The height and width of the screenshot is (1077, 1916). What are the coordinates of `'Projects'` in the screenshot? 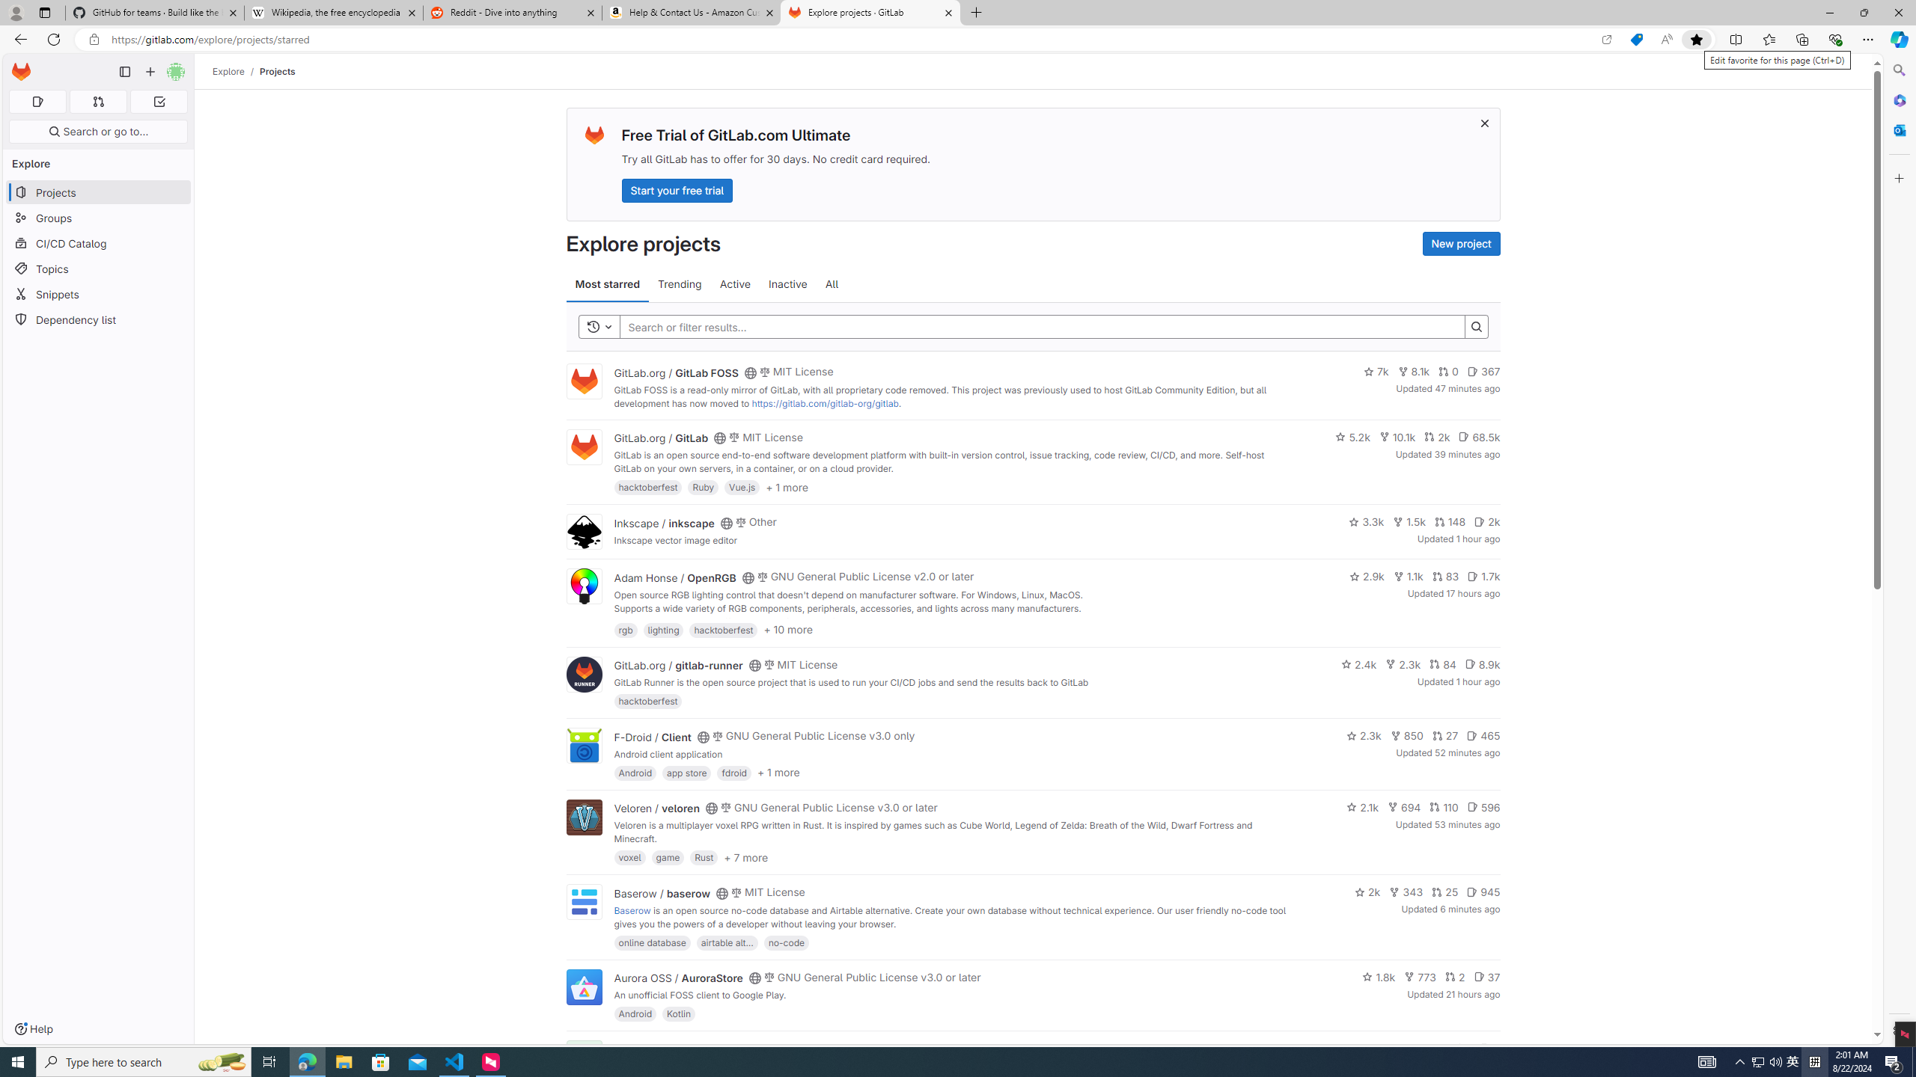 It's located at (277, 71).